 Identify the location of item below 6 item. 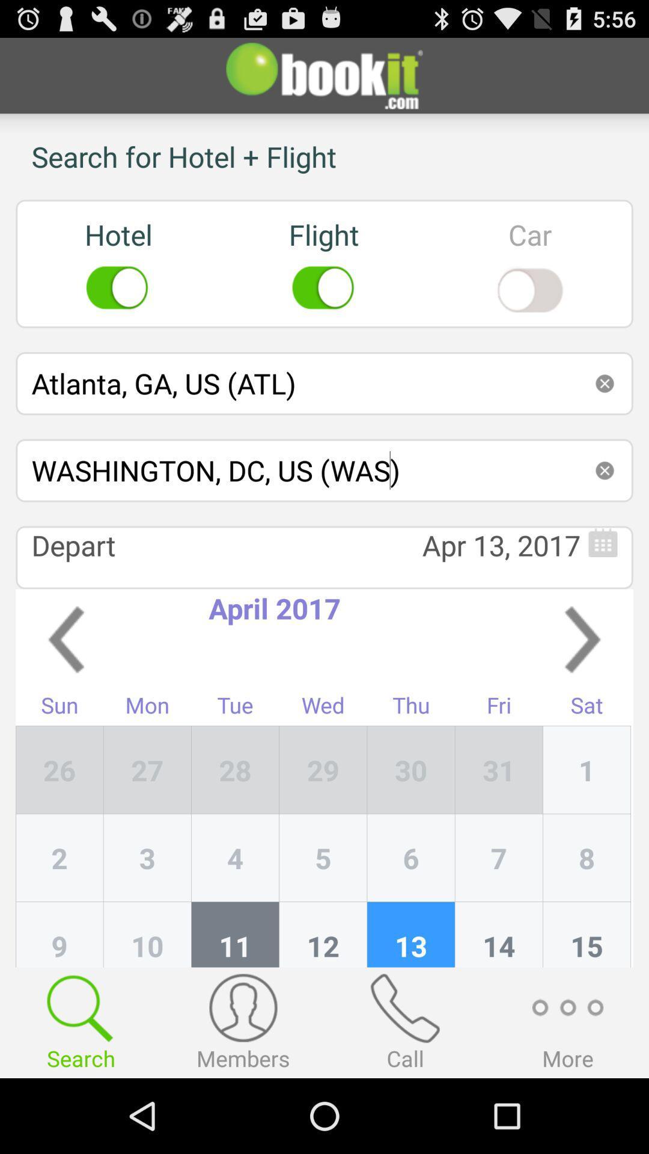
(499, 934).